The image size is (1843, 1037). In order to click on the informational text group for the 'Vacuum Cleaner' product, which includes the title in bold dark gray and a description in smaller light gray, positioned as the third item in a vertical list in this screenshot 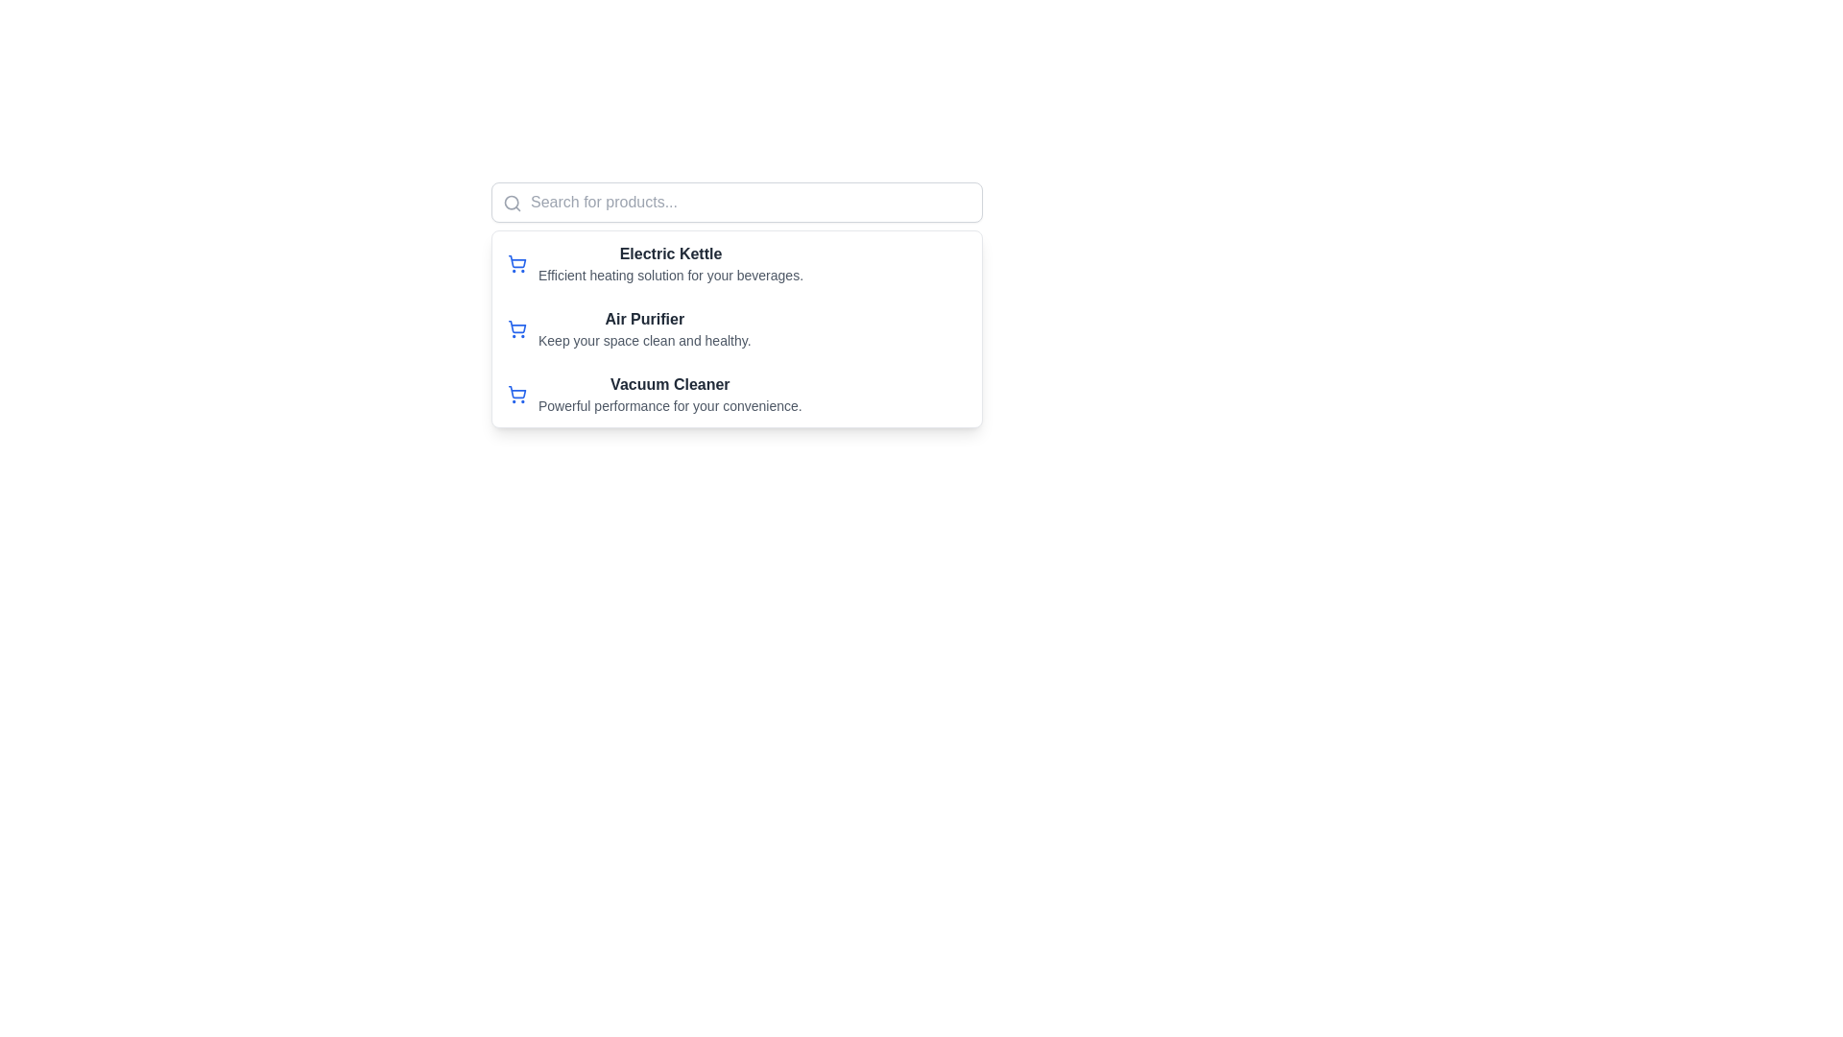, I will do `click(670, 394)`.